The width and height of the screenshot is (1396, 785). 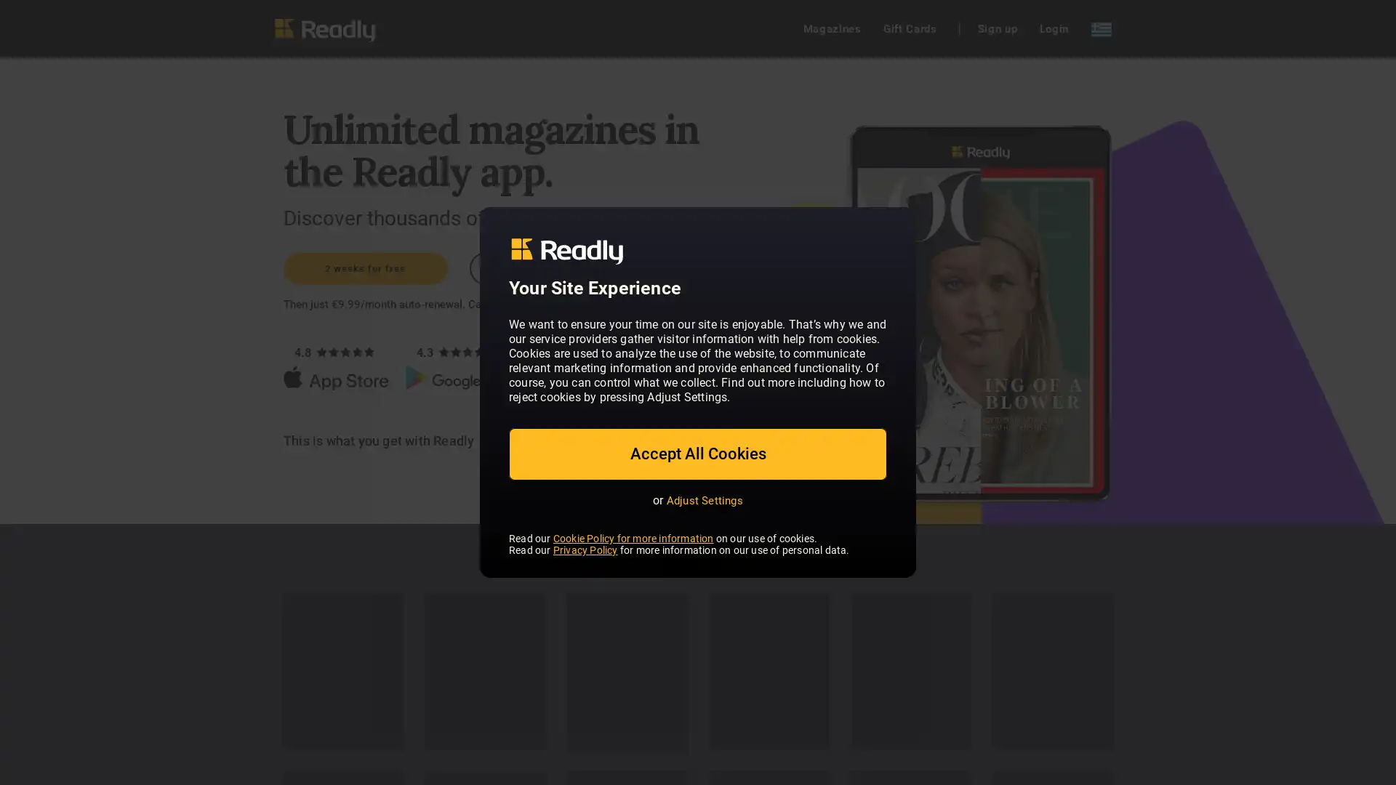 What do you see at coordinates (698, 453) in the screenshot?
I see `Accept All Cookies` at bounding box center [698, 453].